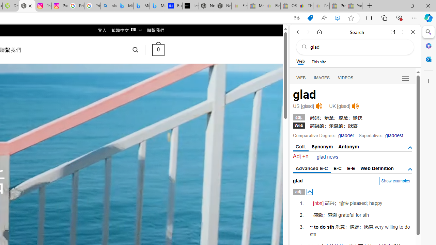  Describe the element at coordinates (300, 61) in the screenshot. I see `'Web scope'` at that location.